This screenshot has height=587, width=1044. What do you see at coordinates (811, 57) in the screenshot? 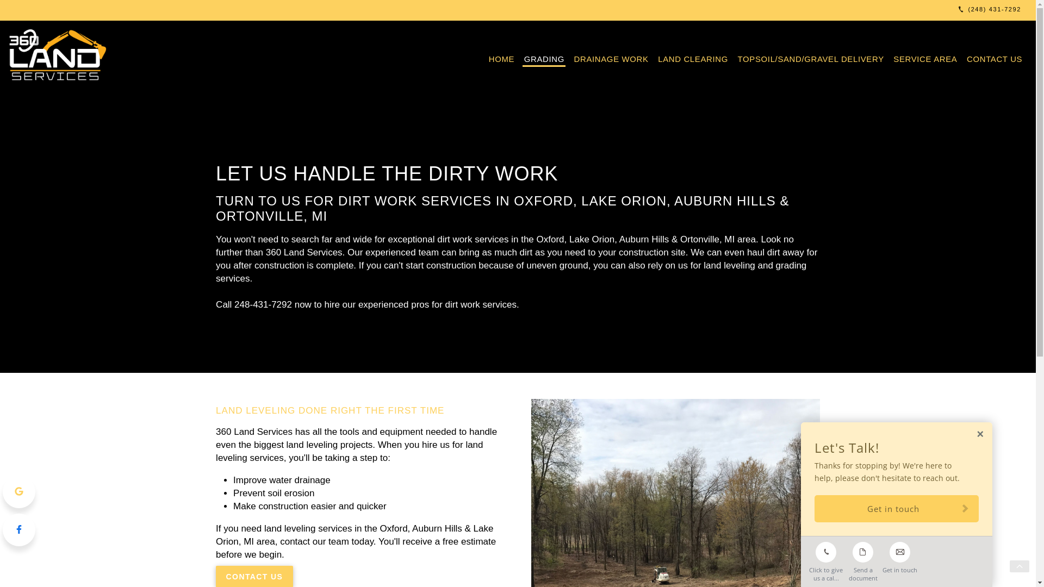
I see `'TOPSOIL/SAND/GRAVEL DELIVERY'` at bounding box center [811, 57].